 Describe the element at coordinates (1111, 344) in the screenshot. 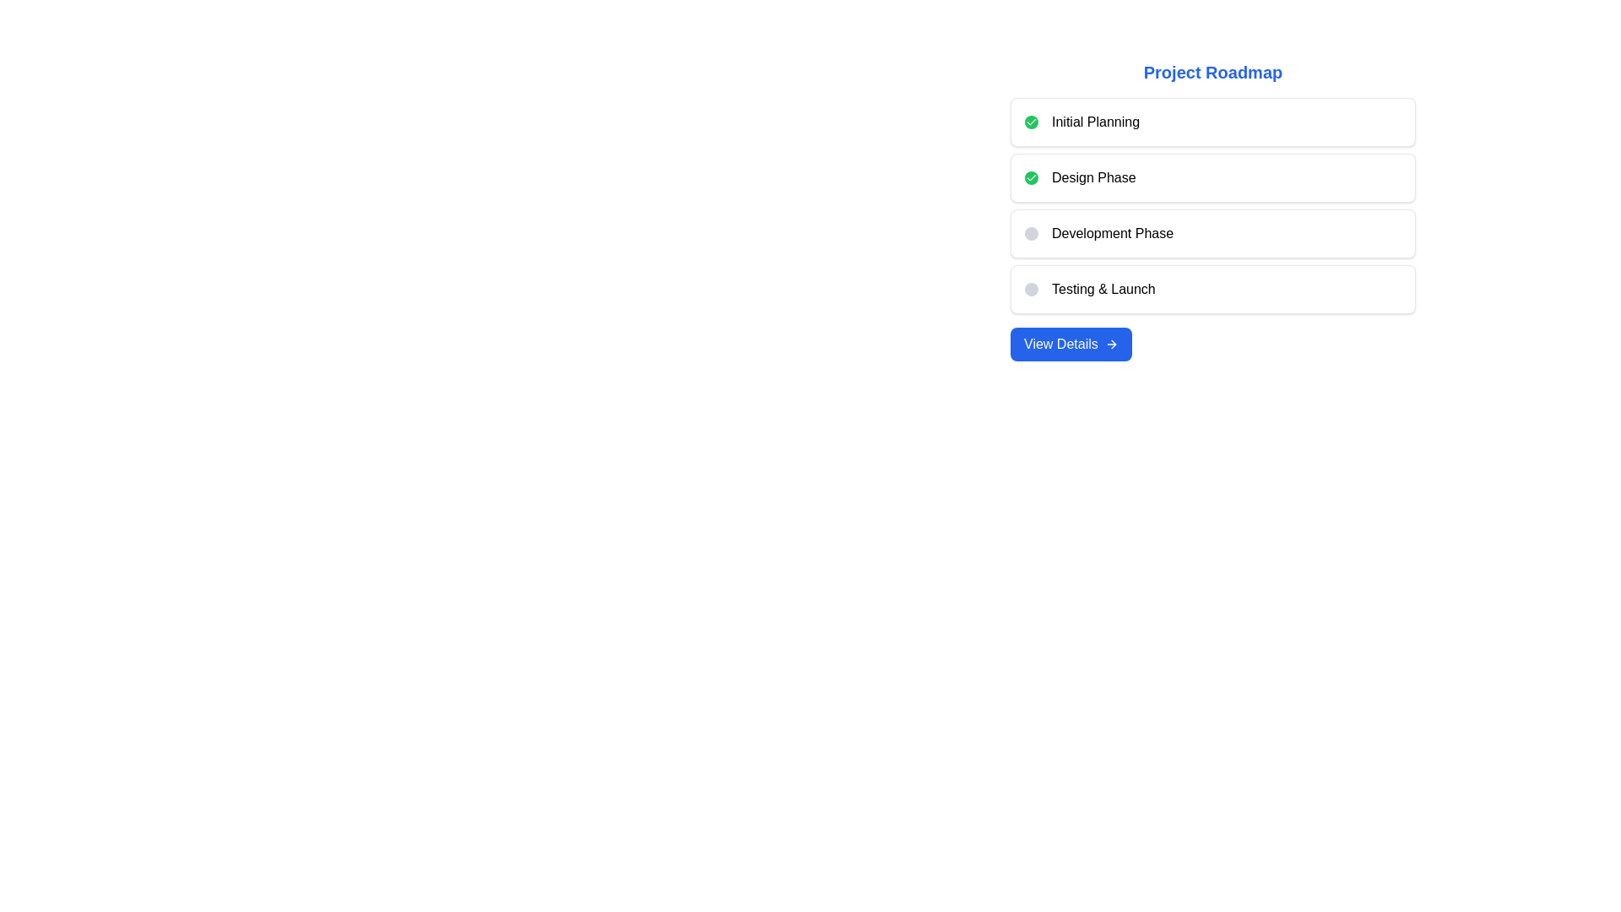

I see `the arrow icon indicating a forward action next to the 'View Details' button` at that location.